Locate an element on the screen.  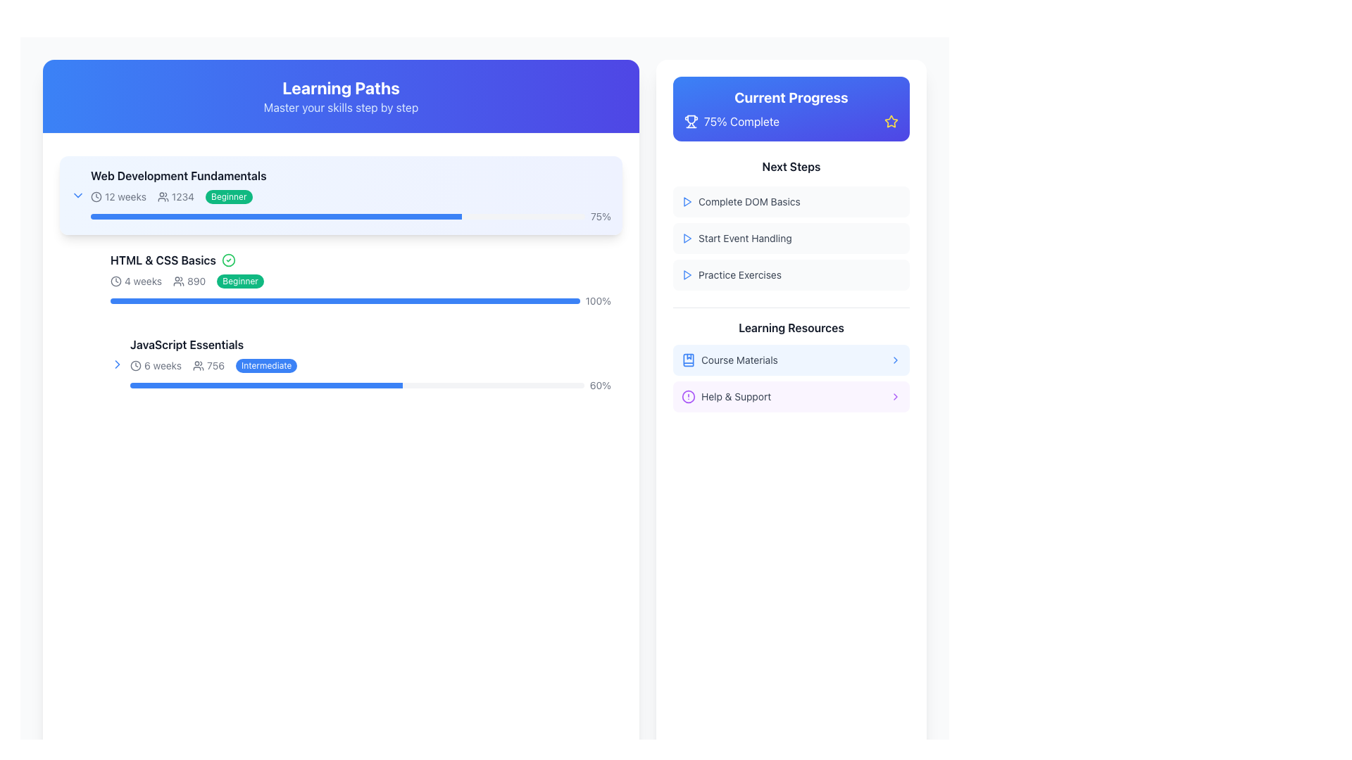
the 'Help & Support' clickable text label with an icon located in the 'Learning Resources' section, positioned below 'Course Materials' is located at coordinates (726, 396).